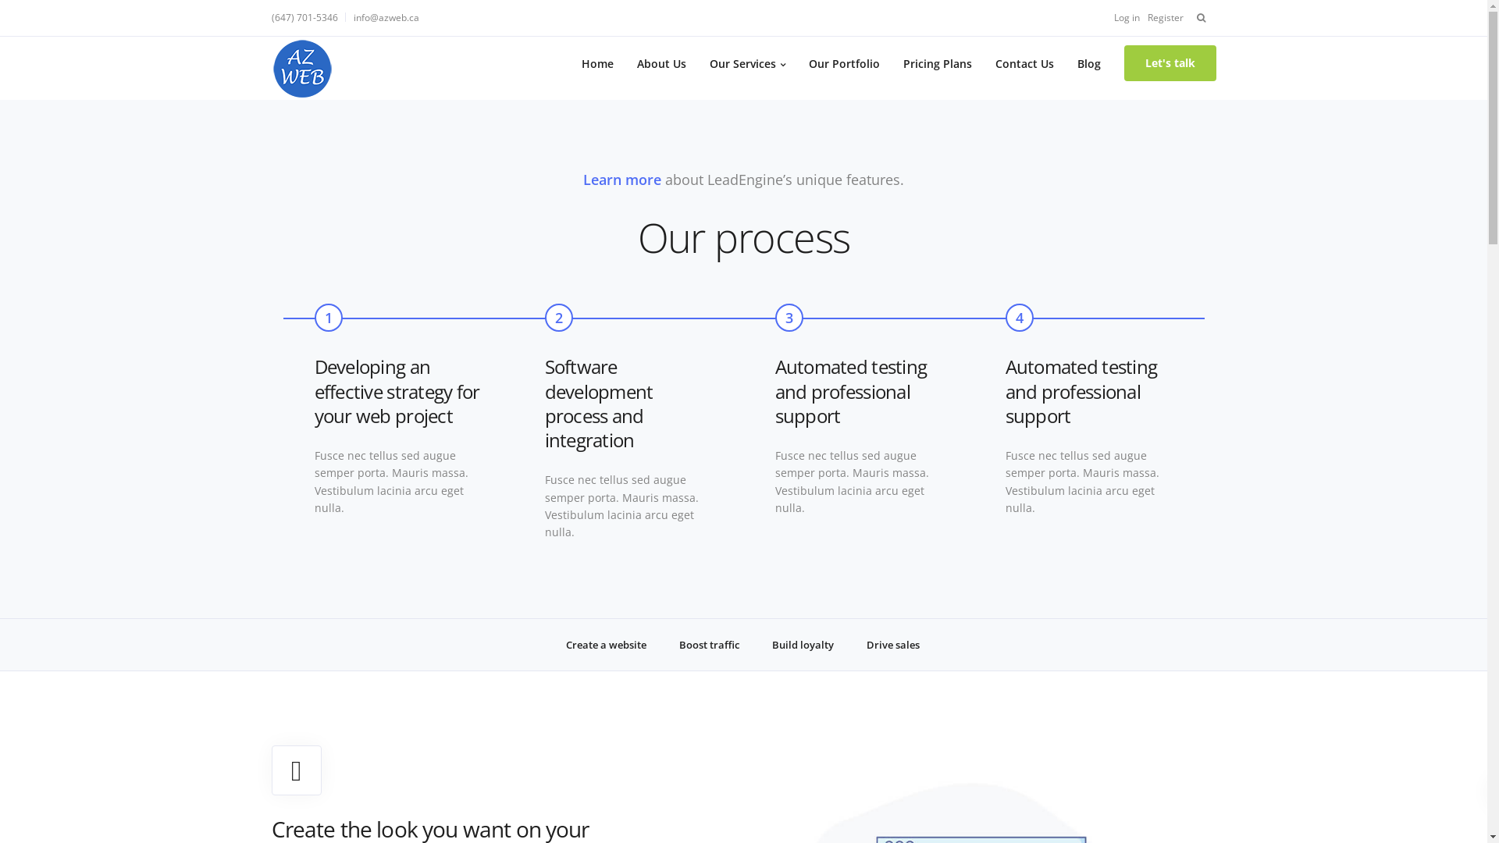 Image resolution: width=1499 pixels, height=843 pixels. What do you see at coordinates (596, 62) in the screenshot?
I see `'Home'` at bounding box center [596, 62].